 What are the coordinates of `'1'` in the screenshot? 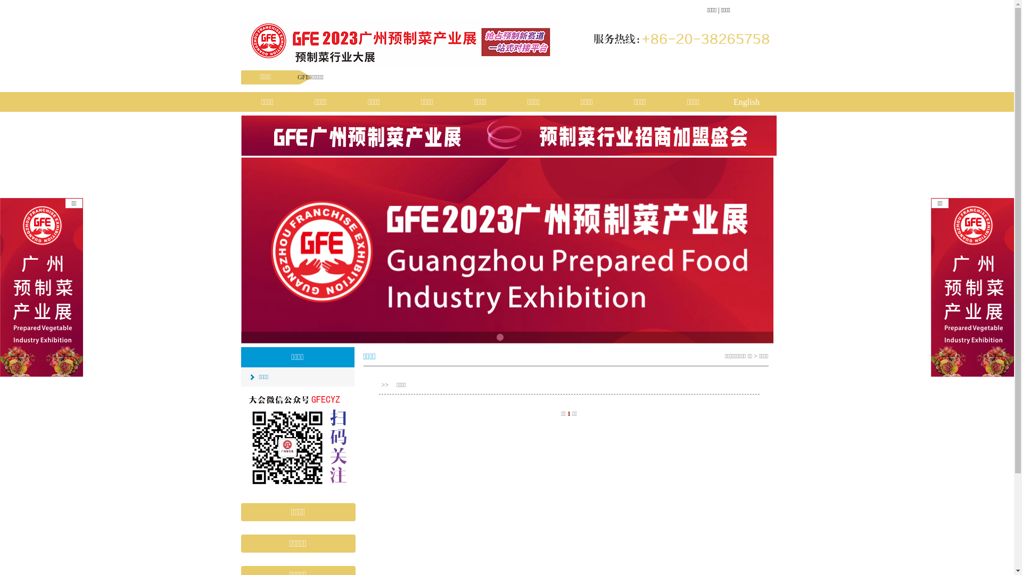 It's located at (568, 413).